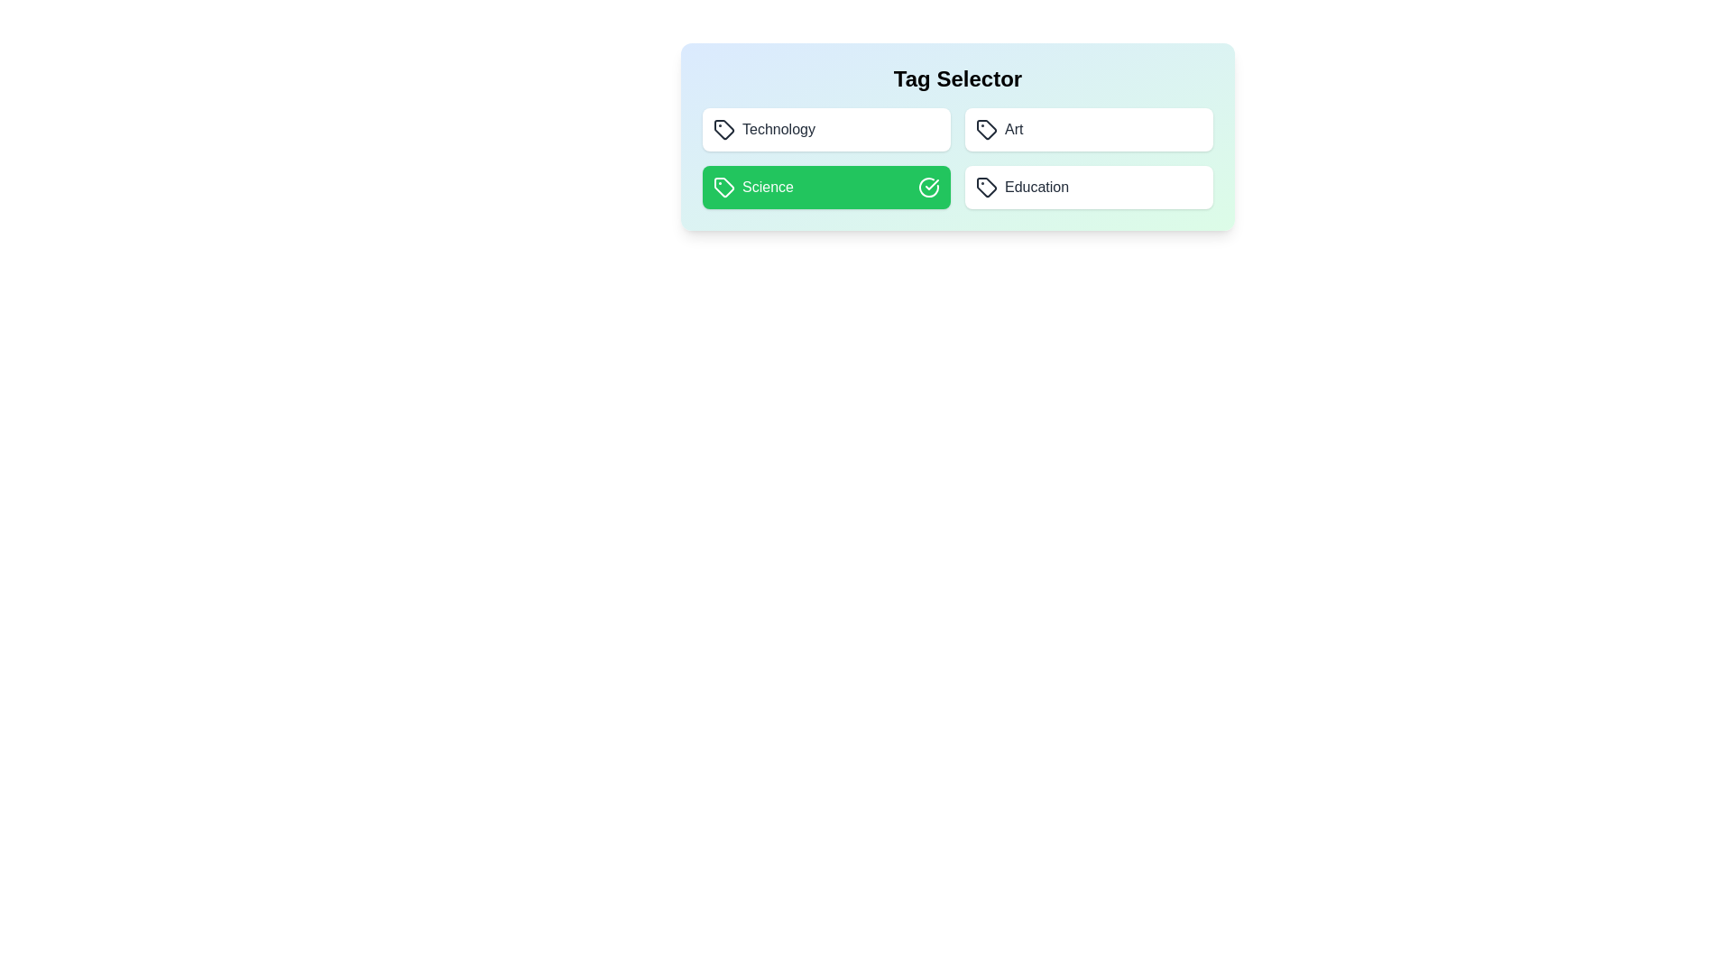  I want to click on the tag Education by clicking on it, so click(1088, 188).